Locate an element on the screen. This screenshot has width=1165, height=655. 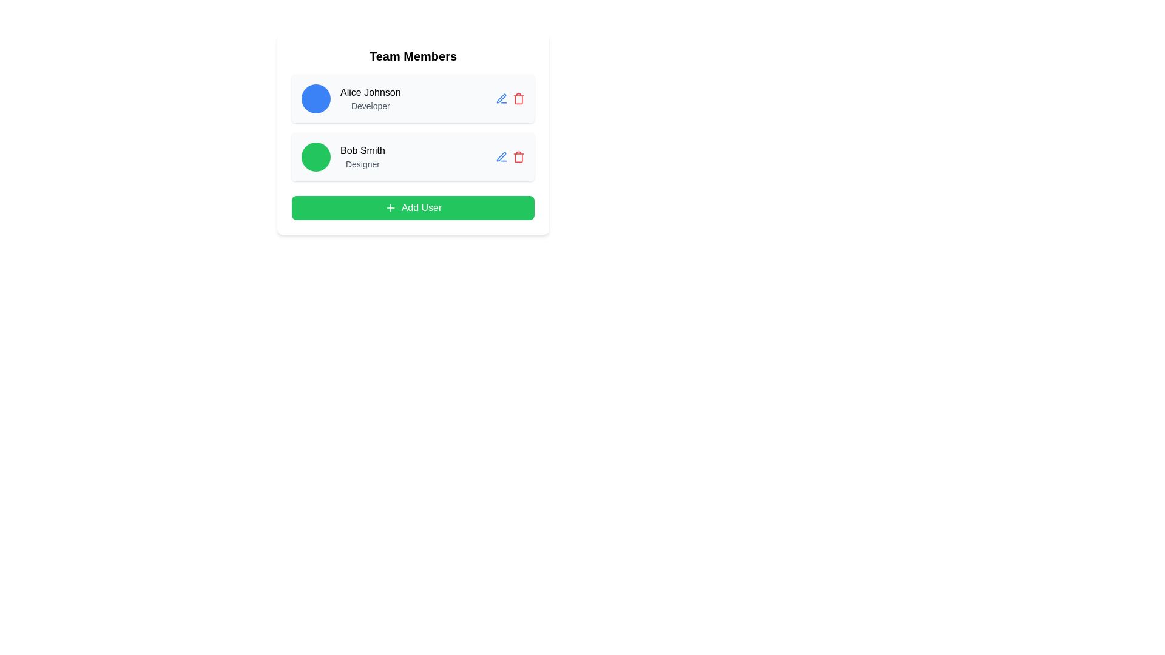
the text label displaying 'Alice Johnson' is located at coordinates (370, 92).